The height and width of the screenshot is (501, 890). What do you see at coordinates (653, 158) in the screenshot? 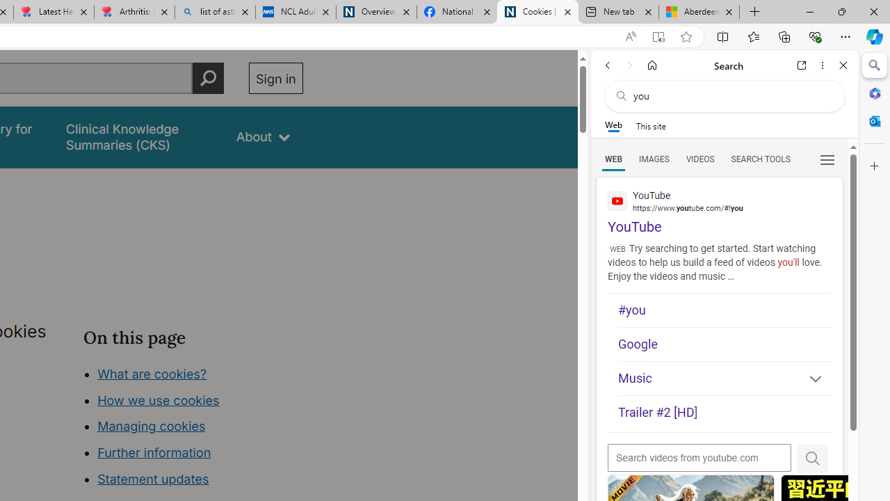
I see `'IMAGES'` at bounding box center [653, 158].